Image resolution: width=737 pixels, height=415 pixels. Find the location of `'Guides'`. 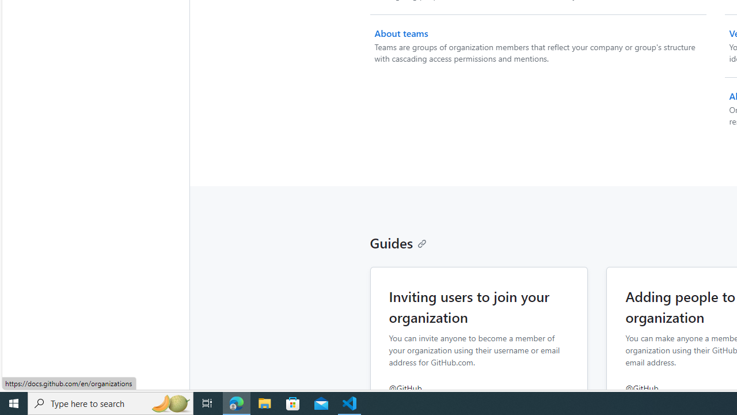

'Guides' is located at coordinates (398, 242).